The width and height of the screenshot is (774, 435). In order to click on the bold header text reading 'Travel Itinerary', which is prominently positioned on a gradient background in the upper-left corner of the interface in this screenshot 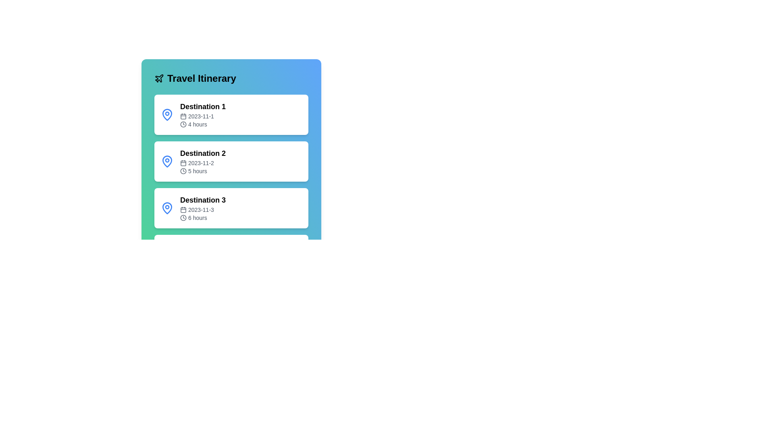, I will do `click(202, 79)`.